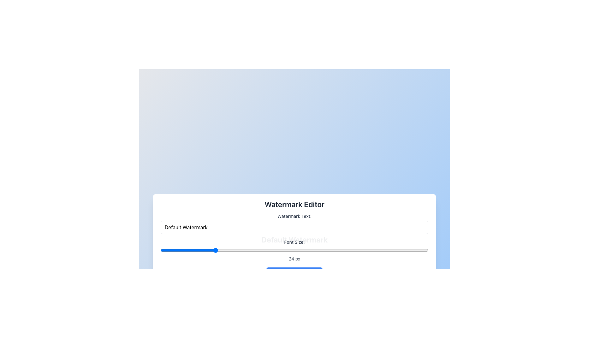 The width and height of the screenshot is (606, 341). Describe the element at coordinates (294, 259) in the screenshot. I see `value displayed in the text label showing '24 px', which is styled in a small gray font and is positioned below the slider component and to the right of the 'Font Size:' label` at that location.